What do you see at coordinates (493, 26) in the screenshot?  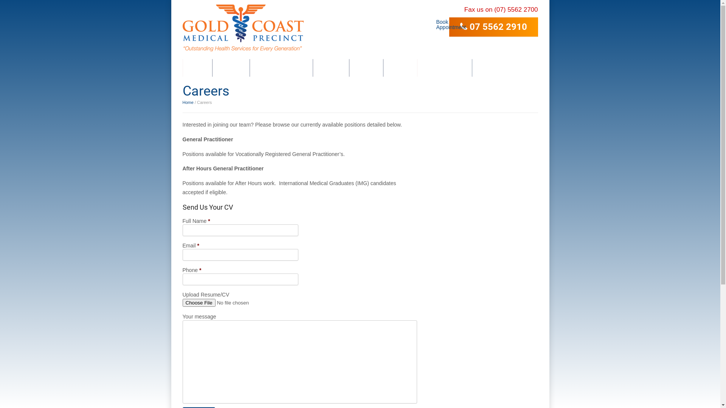 I see `'07 5562 2910'` at bounding box center [493, 26].